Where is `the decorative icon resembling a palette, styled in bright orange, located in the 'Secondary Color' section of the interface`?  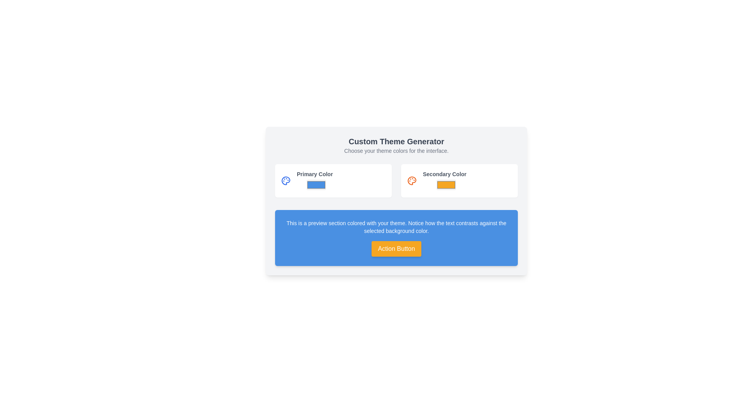
the decorative icon resembling a palette, styled in bright orange, located in the 'Secondary Color' section of the interface is located at coordinates (412, 181).